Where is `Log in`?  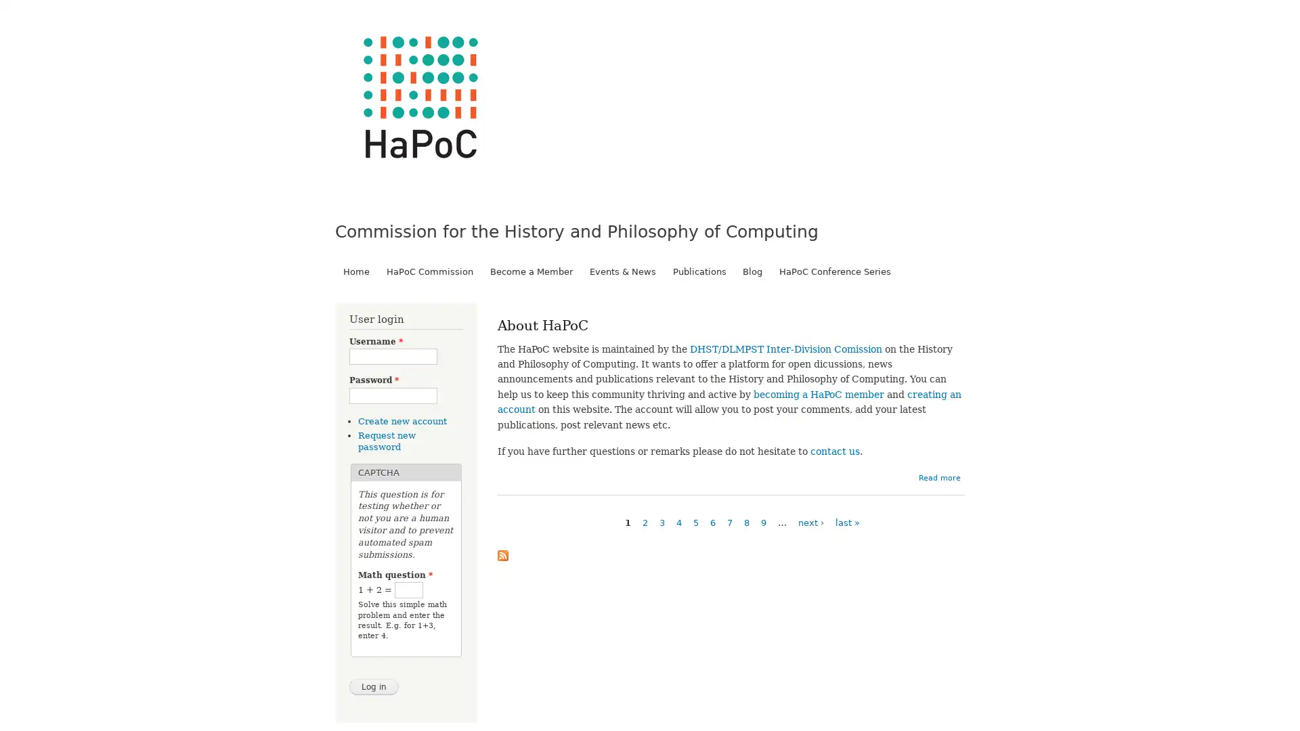
Log in is located at coordinates (374, 686).